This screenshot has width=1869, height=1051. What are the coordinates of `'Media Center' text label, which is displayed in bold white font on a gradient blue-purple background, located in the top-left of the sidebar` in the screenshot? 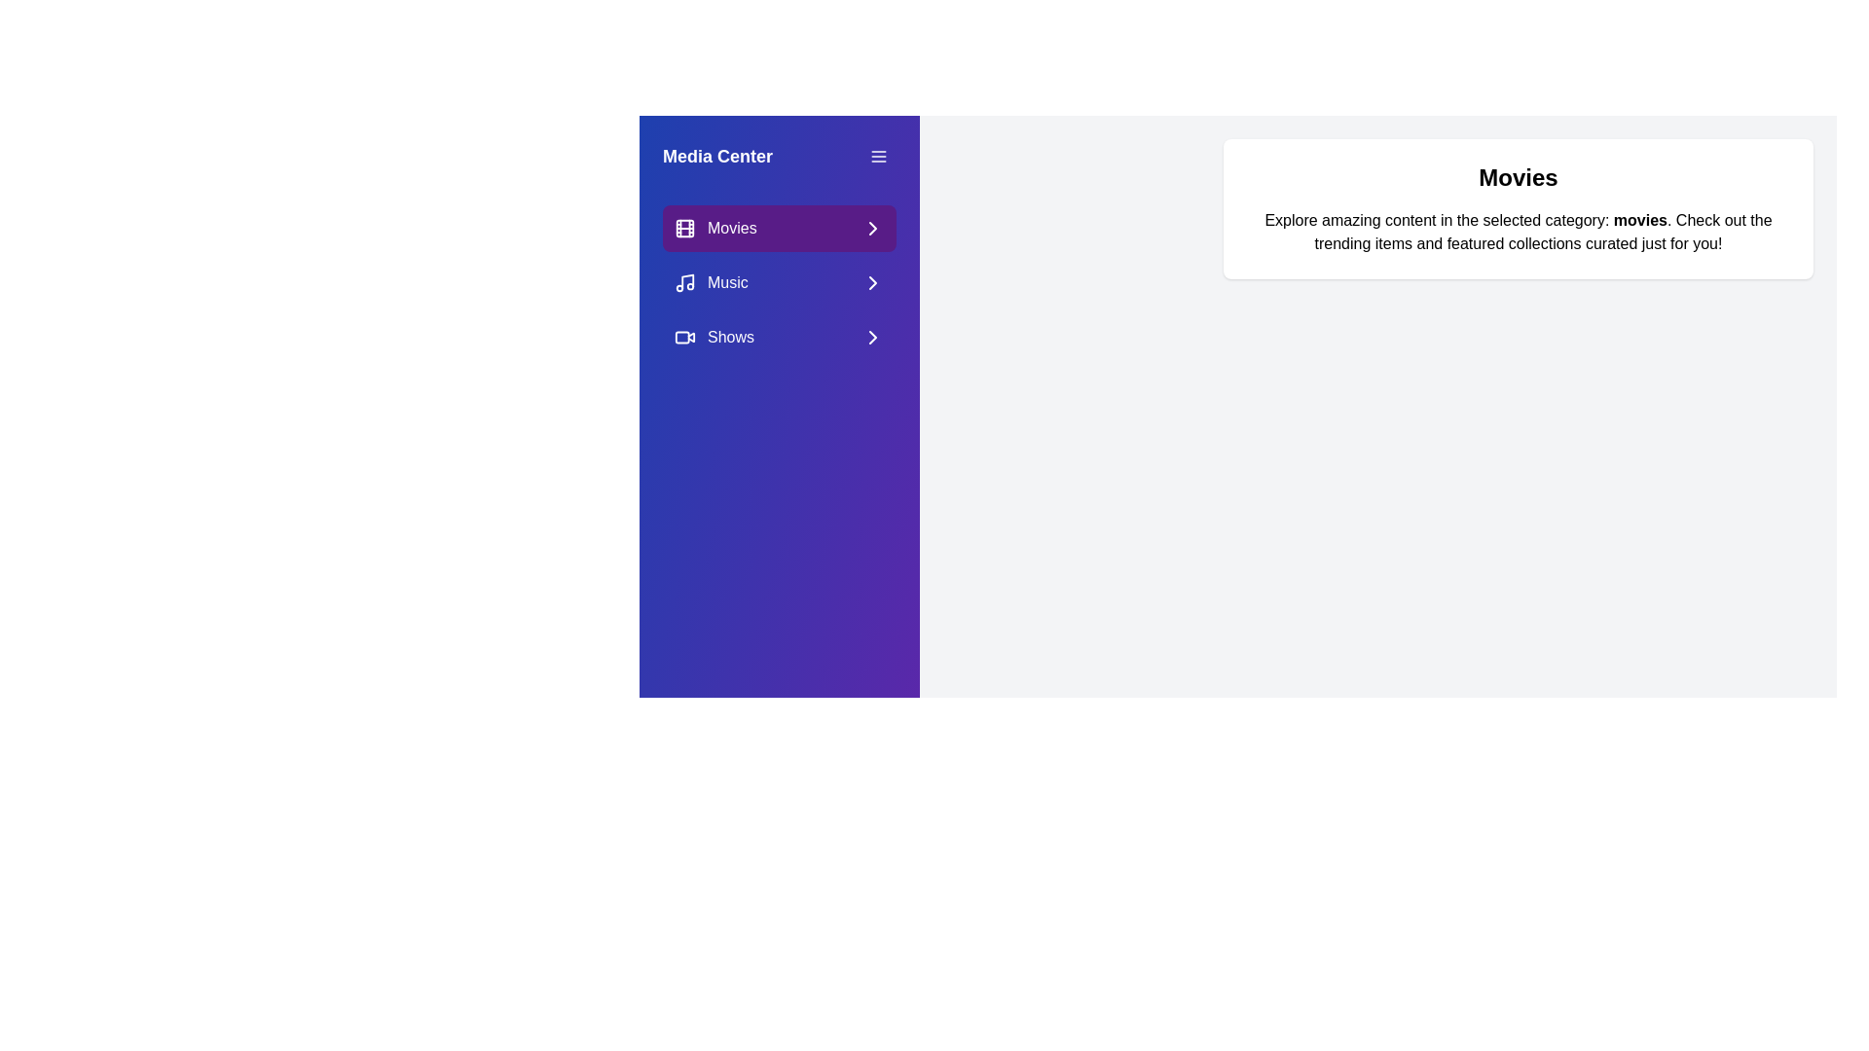 It's located at (716, 156).